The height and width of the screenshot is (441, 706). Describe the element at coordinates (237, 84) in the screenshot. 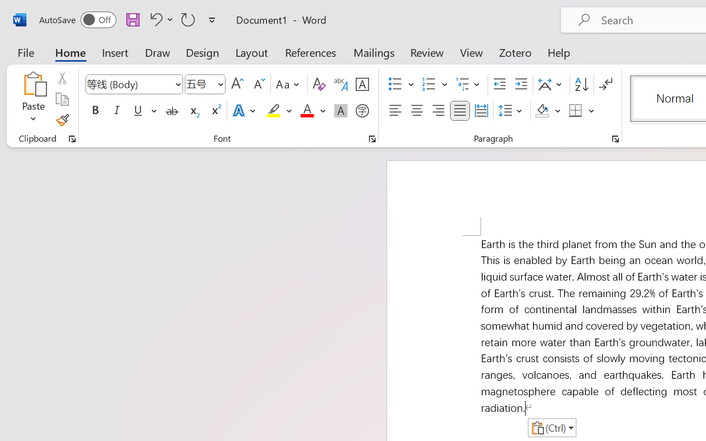

I see `'Grow Font'` at that location.